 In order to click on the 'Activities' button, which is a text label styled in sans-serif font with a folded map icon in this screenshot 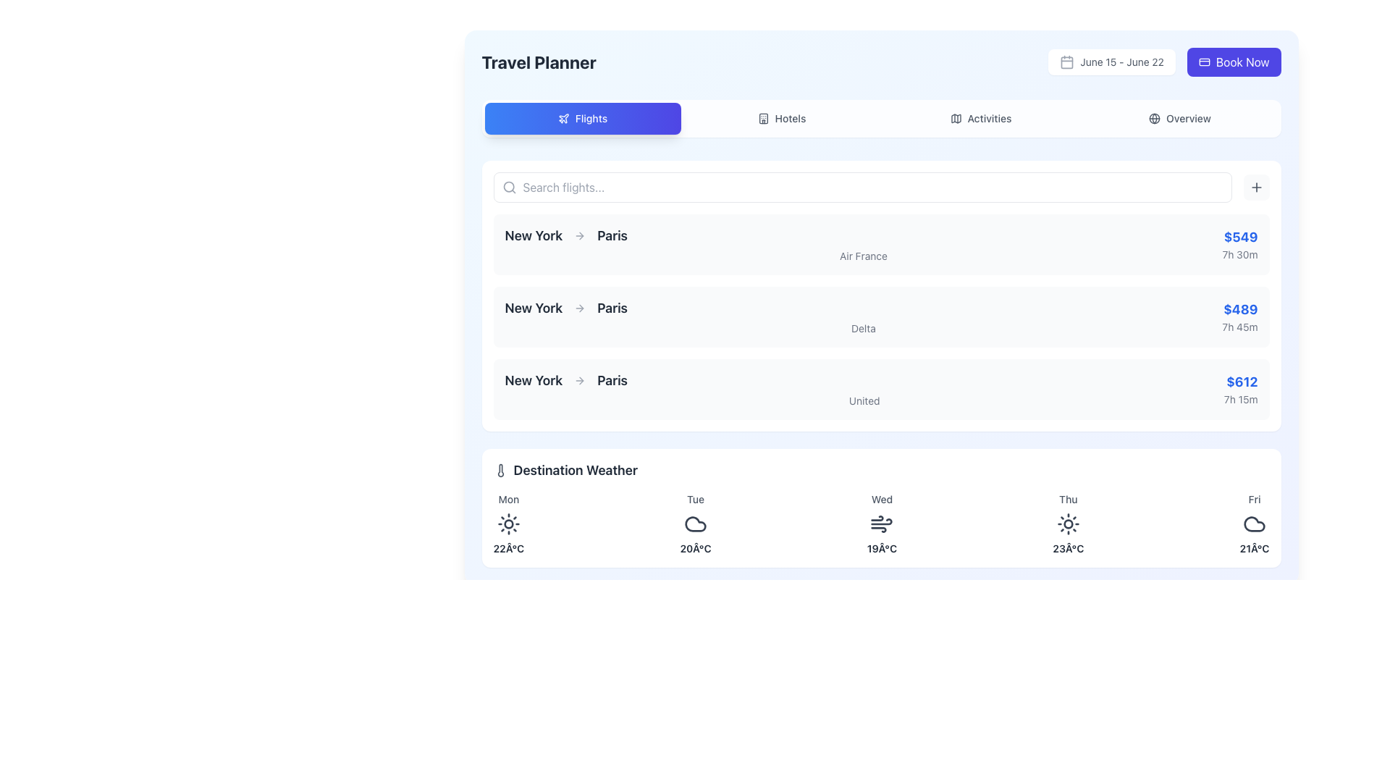, I will do `click(980, 118)`.